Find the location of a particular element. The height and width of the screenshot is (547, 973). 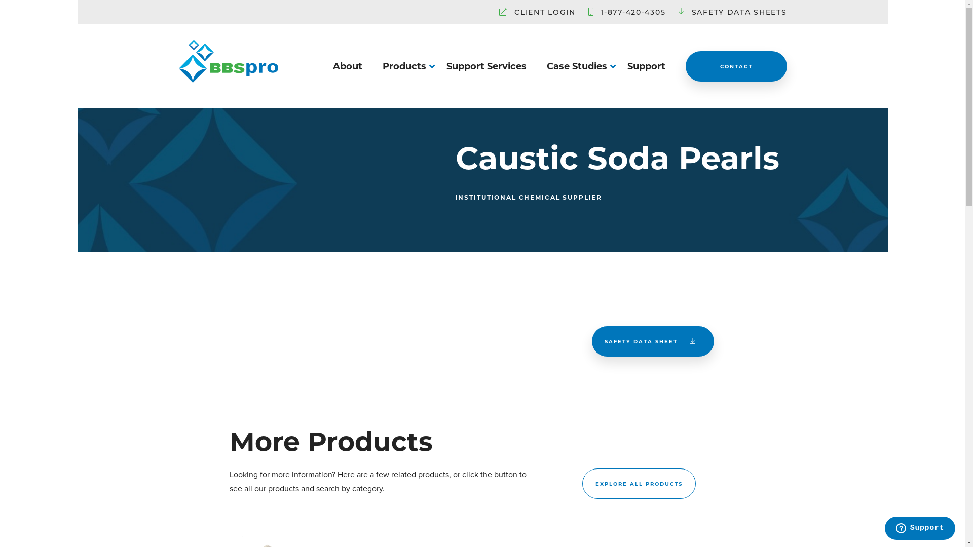

'About' is located at coordinates (347, 66).